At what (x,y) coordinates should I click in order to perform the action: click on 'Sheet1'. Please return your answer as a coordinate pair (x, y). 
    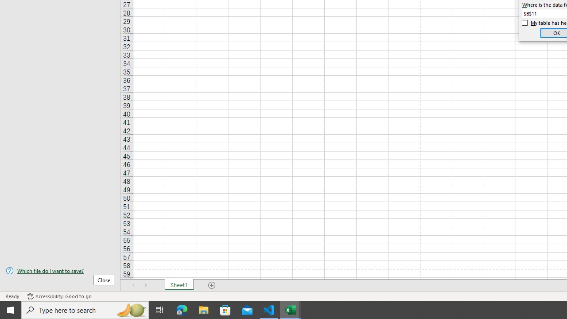
    Looking at the image, I should click on (179, 285).